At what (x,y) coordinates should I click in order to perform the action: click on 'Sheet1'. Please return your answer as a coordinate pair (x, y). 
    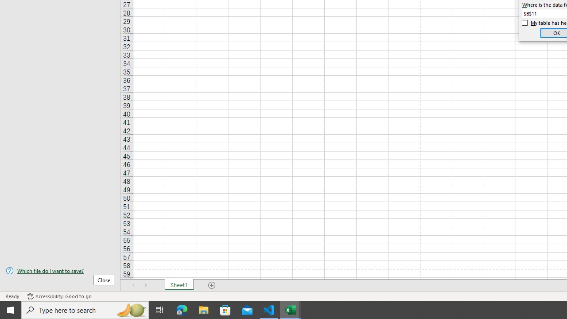
    Looking at the image, I should click on (179, 285).